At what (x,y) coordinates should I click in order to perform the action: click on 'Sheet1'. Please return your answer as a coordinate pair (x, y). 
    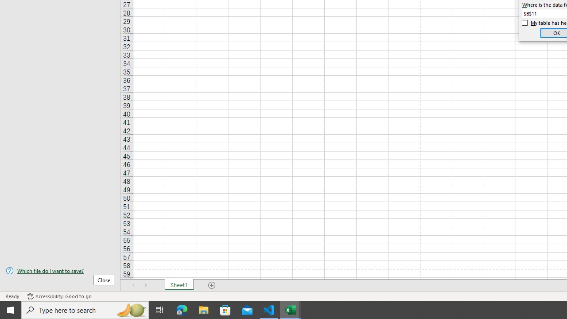
    Looking at the image, I should click on (179, 285).